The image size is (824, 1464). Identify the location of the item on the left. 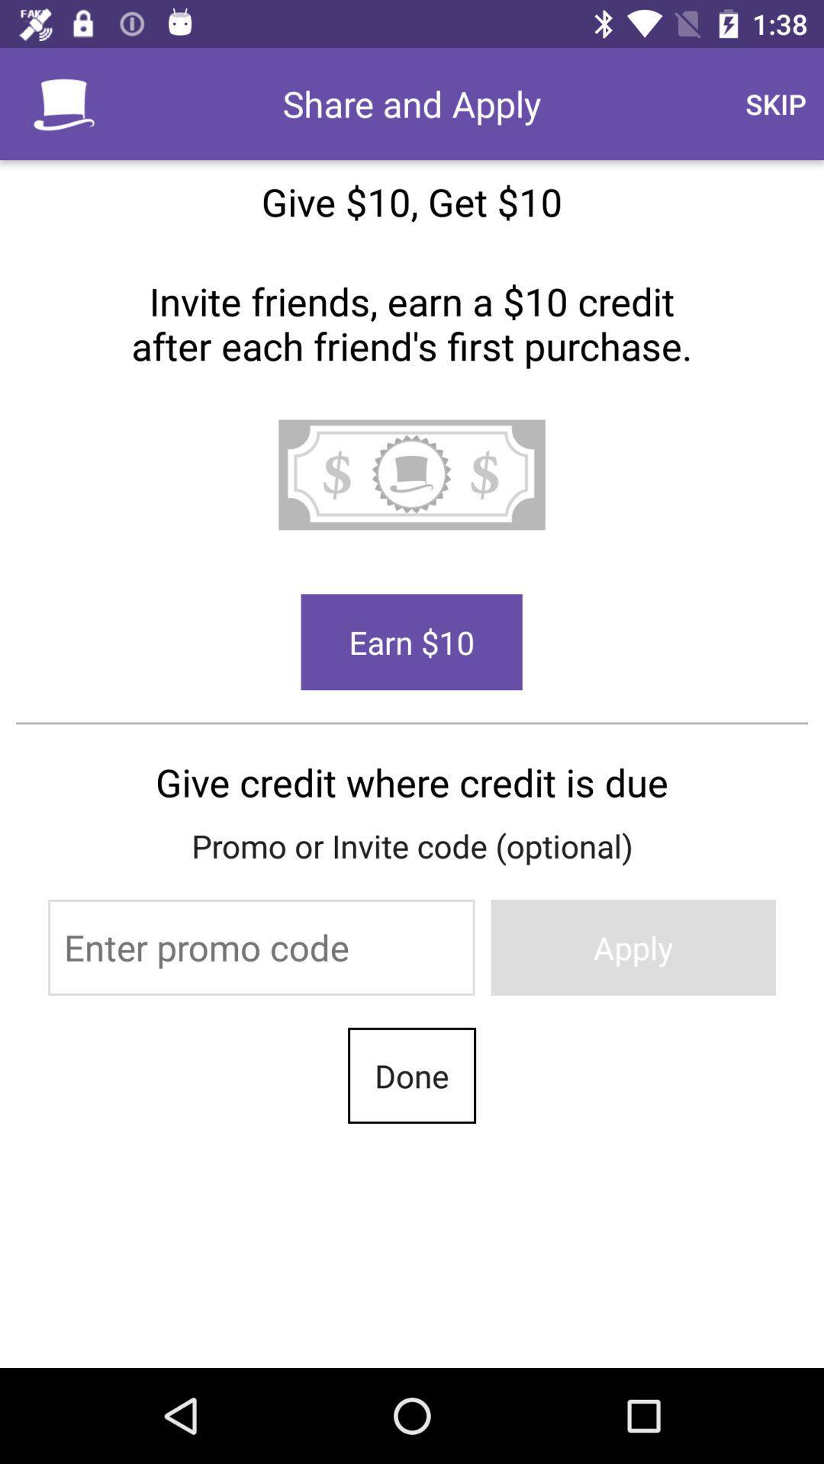
(260, 946).